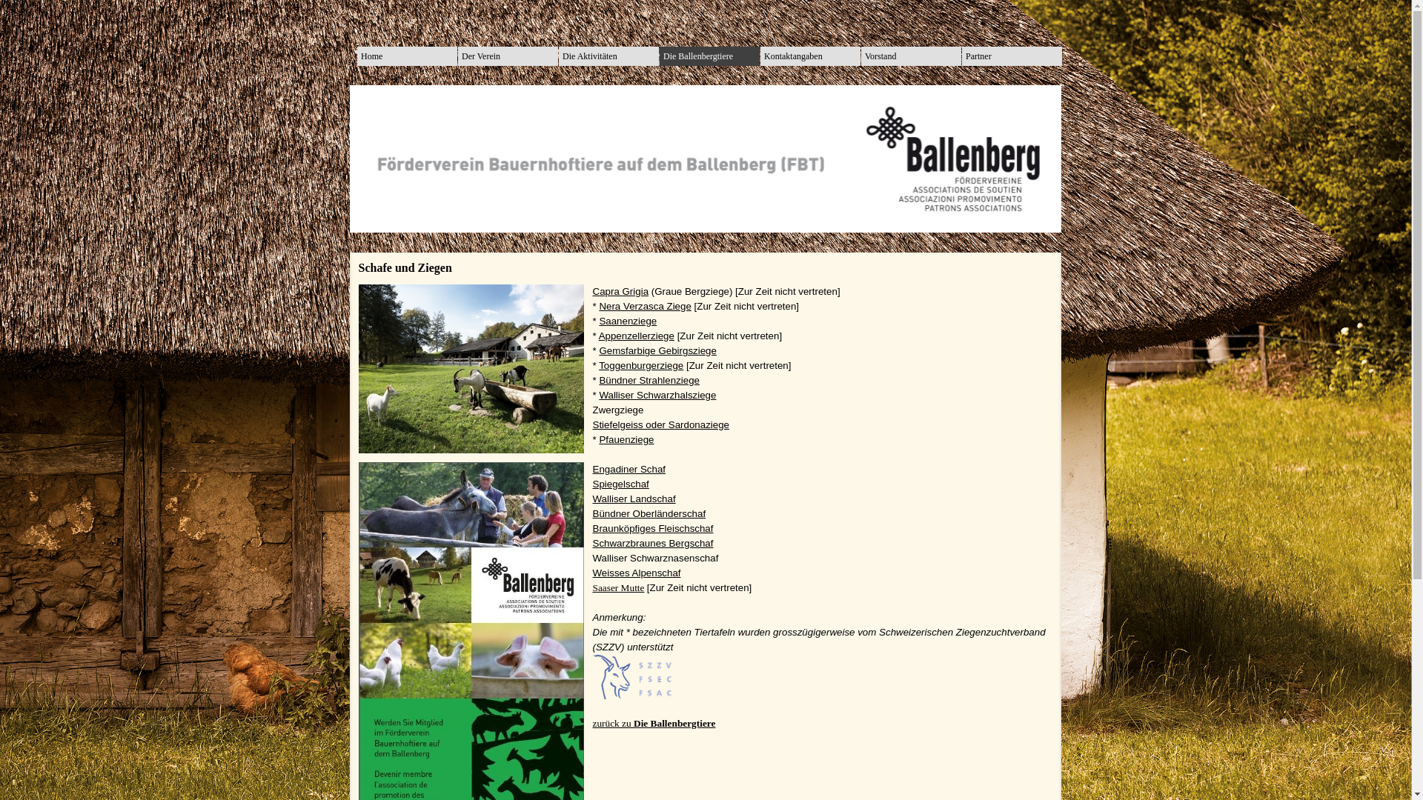 This screenshot has height=800, width=1423. Describe the element at coordinates (657, 394) in the screenshot. I see `'Walliser Schwarzhalsziege'` at that location.